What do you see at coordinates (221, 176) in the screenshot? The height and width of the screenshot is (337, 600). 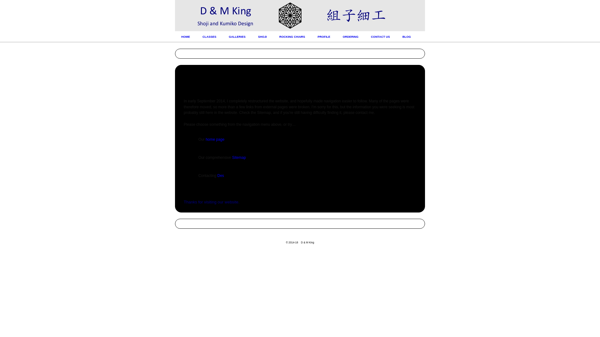 I see `'Des'` at bounding box center [221, 176].